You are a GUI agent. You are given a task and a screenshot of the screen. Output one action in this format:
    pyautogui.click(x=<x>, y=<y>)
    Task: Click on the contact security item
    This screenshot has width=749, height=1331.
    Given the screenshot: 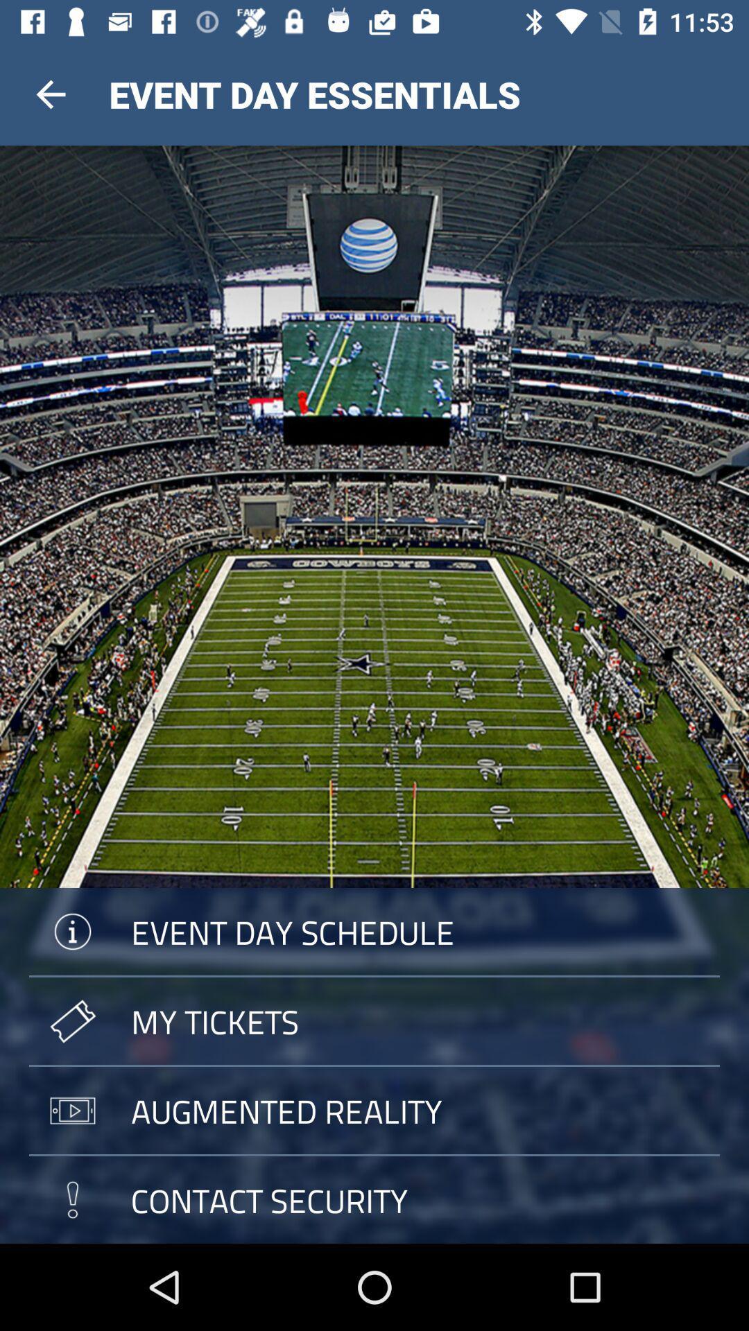 What is the action you would take?
    pyautogui.click(x=374, y=1199)
    